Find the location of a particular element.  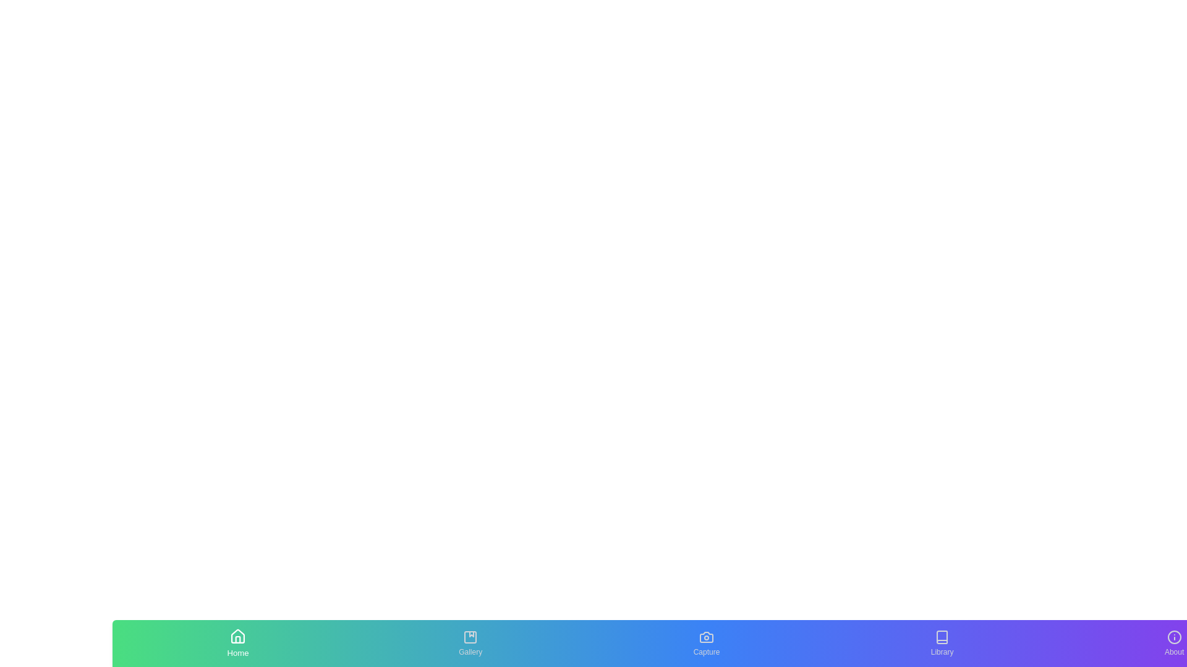

the Gallery tab is located at coordinates (470, 642).